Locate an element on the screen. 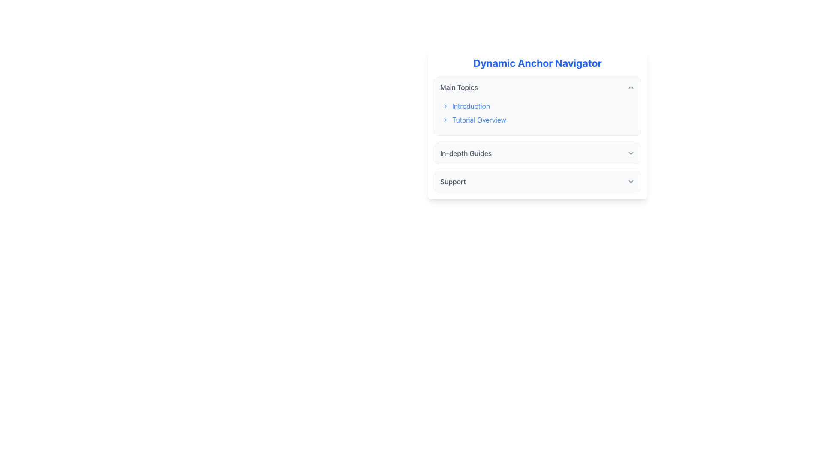  the 'Support' text label located in the 'Dynamic Anchor Navigator' under 'In-depth Guides', positioned in the bottom-right part of the navigation interface is located at coordinates (452, 181).